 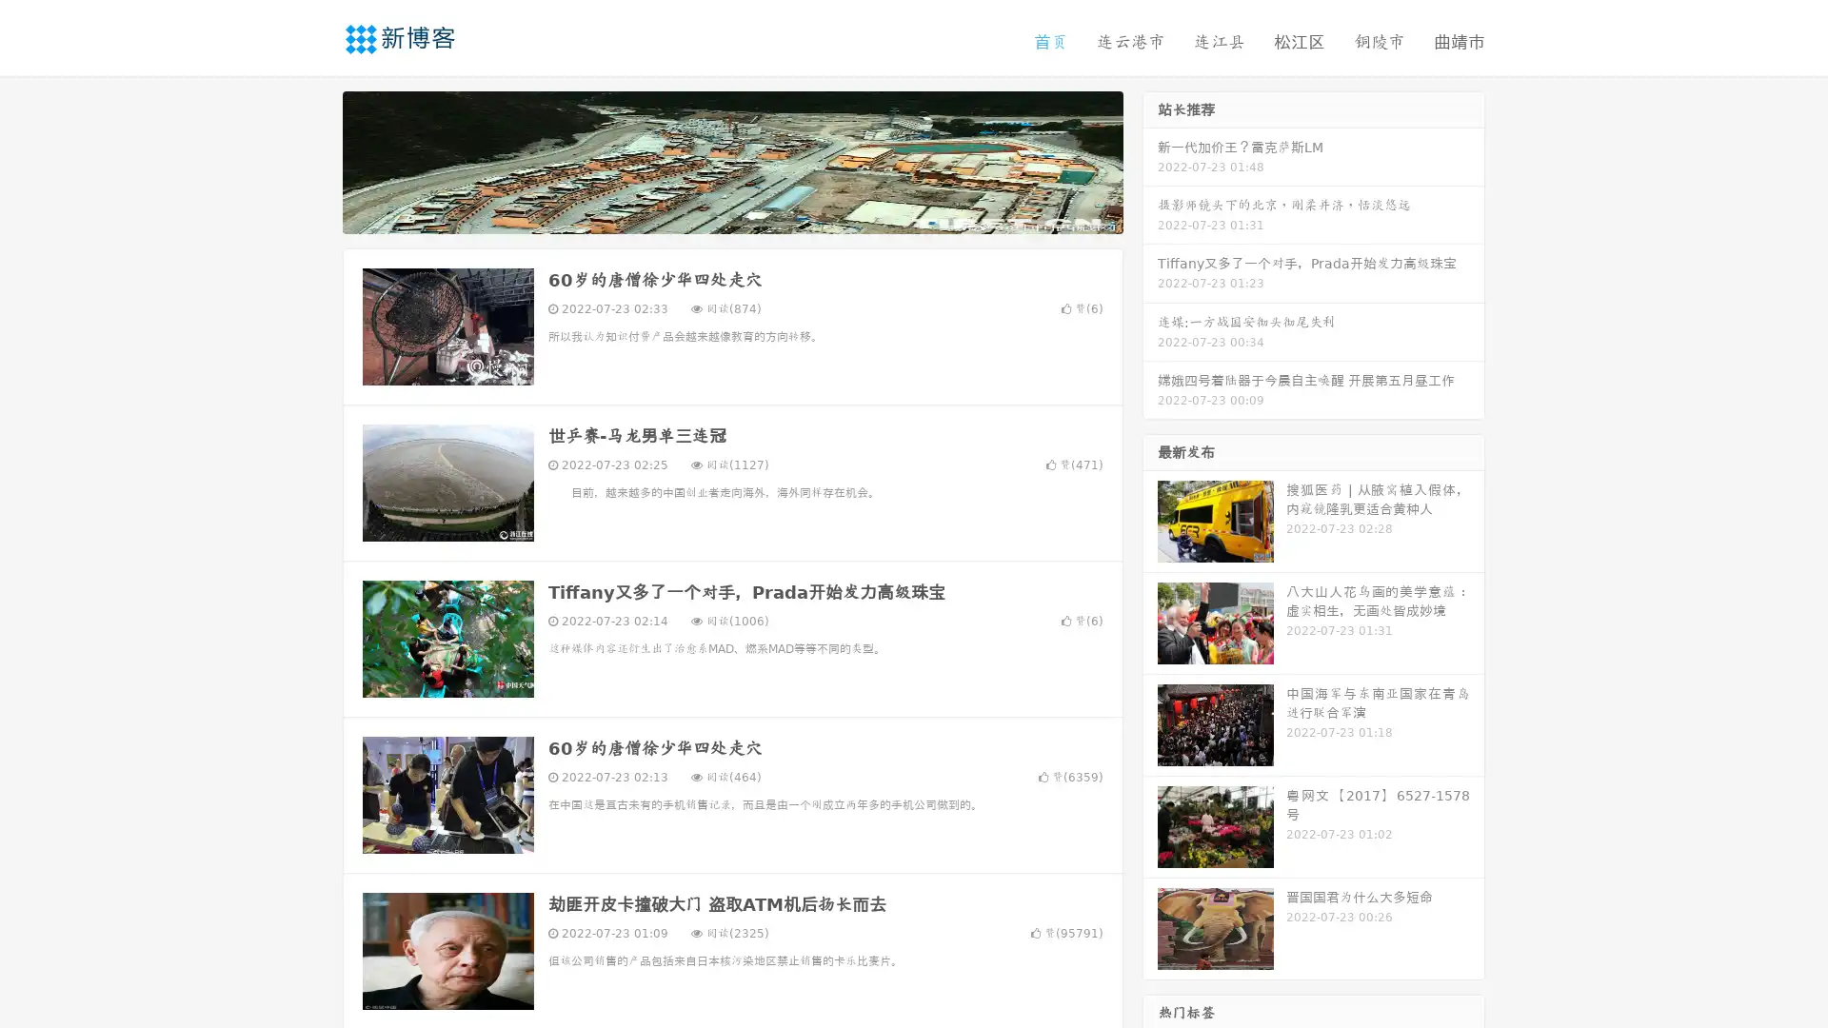 What do you see at coordinates (751, 214) in the screenshot?
I see `Go to slide 3` at bounding box center [751, 214].